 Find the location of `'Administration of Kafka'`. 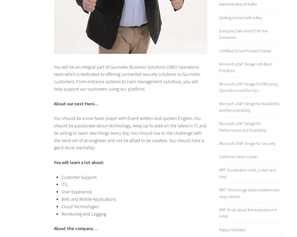

'Administration of Kafka' is located at coordinates (238, 4).